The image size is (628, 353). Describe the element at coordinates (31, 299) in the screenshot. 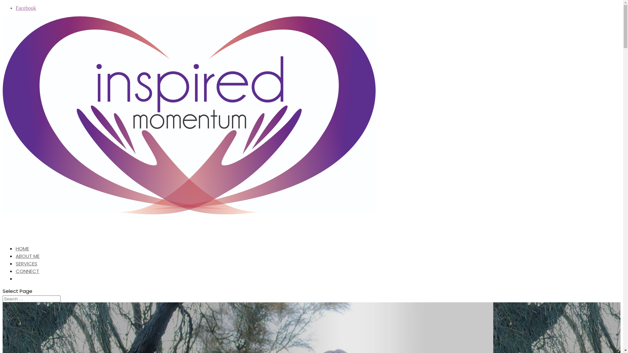

I see `'Search for:'` at that location.